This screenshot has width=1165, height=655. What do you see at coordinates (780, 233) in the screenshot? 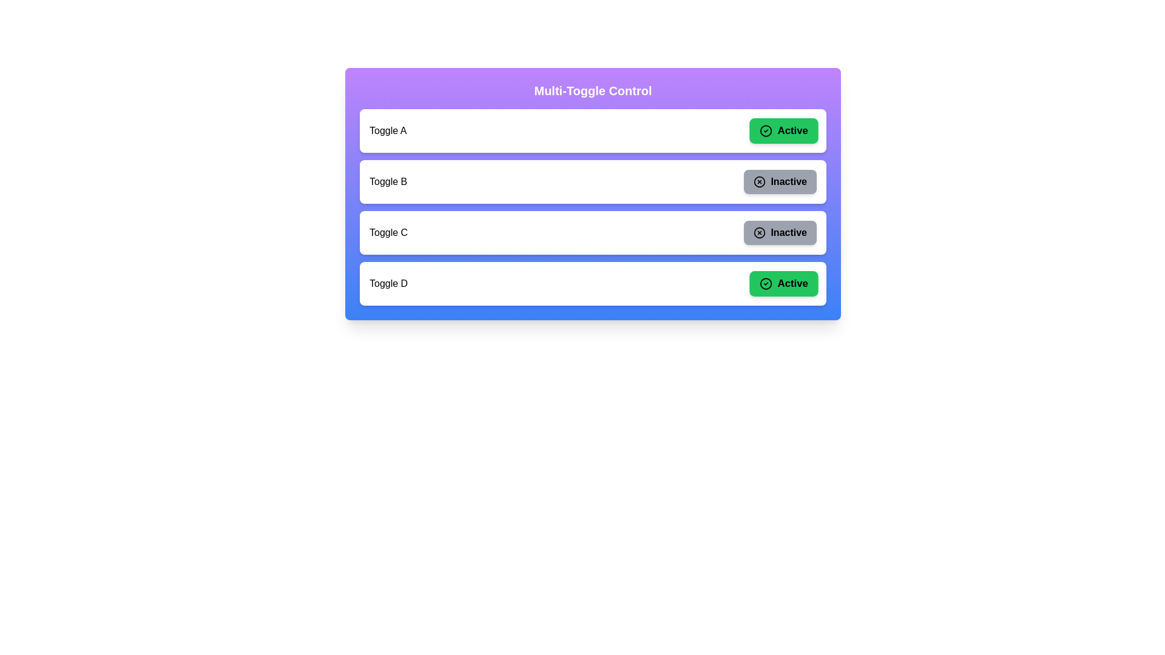
I see `the toggle button located in the 'Toggle C' section` at bounding box center [780, 233].